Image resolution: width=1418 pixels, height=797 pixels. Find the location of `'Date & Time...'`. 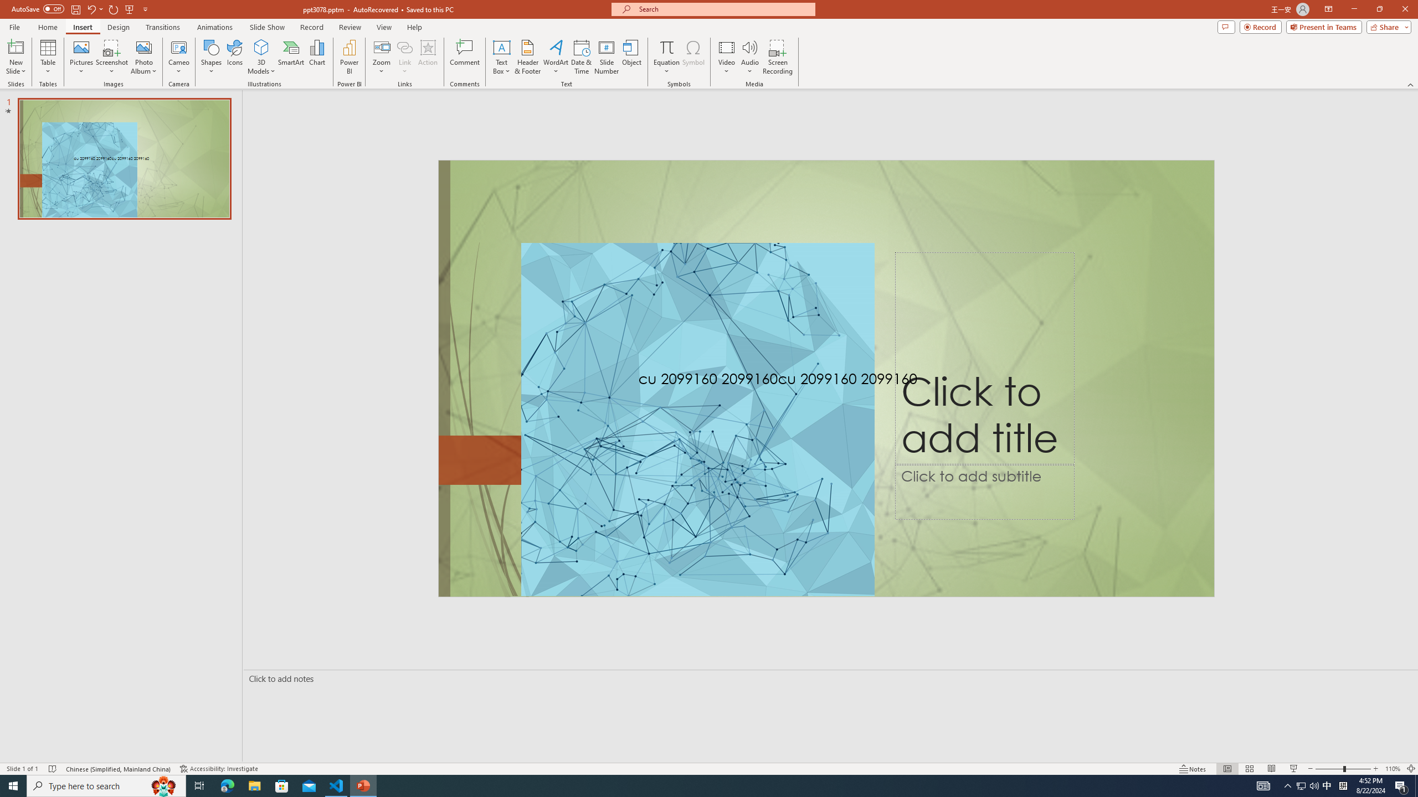

'Date & Time...' is located at coordinates (580, 57).